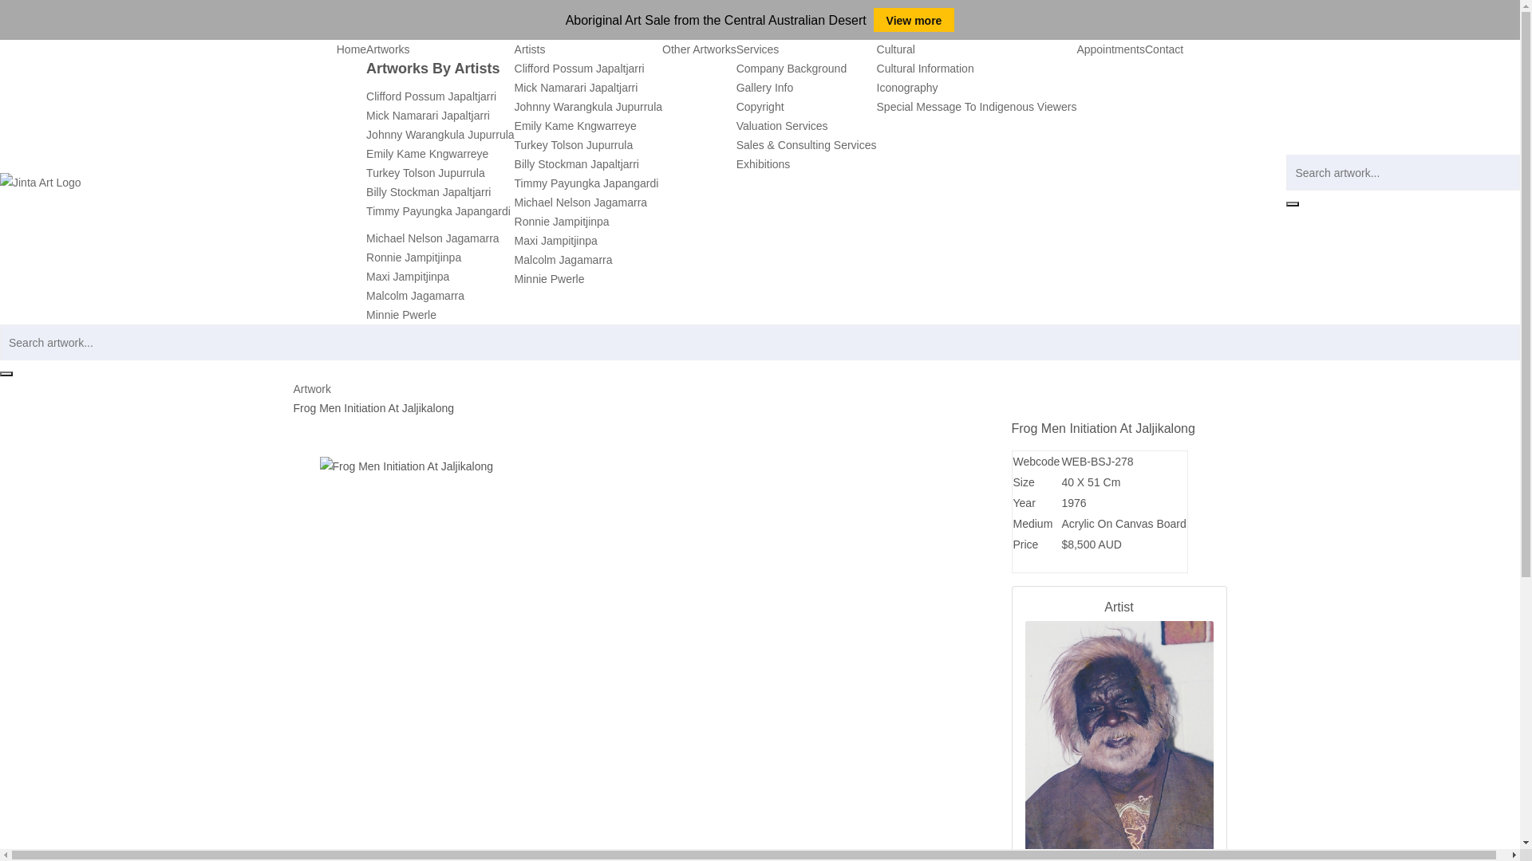 Image resolution: width=1532 pixels, height=861 pixels. I want to click on 'Cultural Information', so click(926, 67).